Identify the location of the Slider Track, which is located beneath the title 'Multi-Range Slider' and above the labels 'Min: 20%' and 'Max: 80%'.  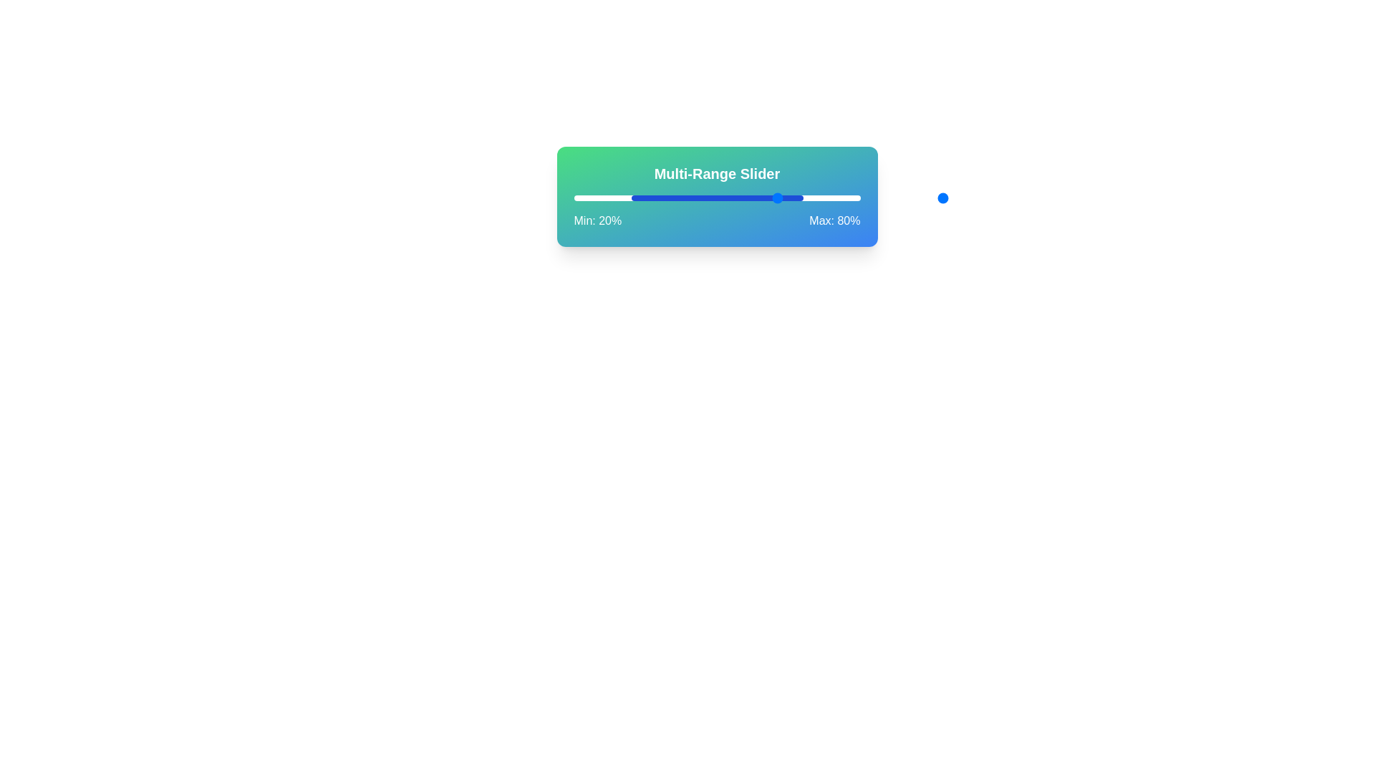
(717, 198).